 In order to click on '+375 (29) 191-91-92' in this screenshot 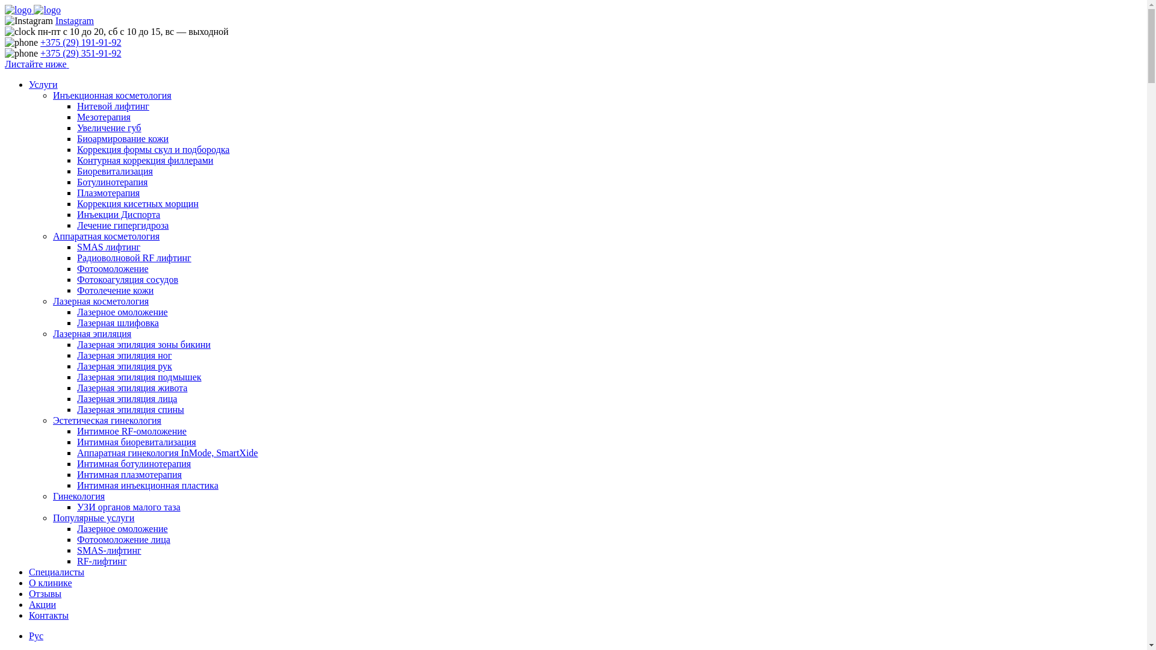, I will do `click(80, 42)`.